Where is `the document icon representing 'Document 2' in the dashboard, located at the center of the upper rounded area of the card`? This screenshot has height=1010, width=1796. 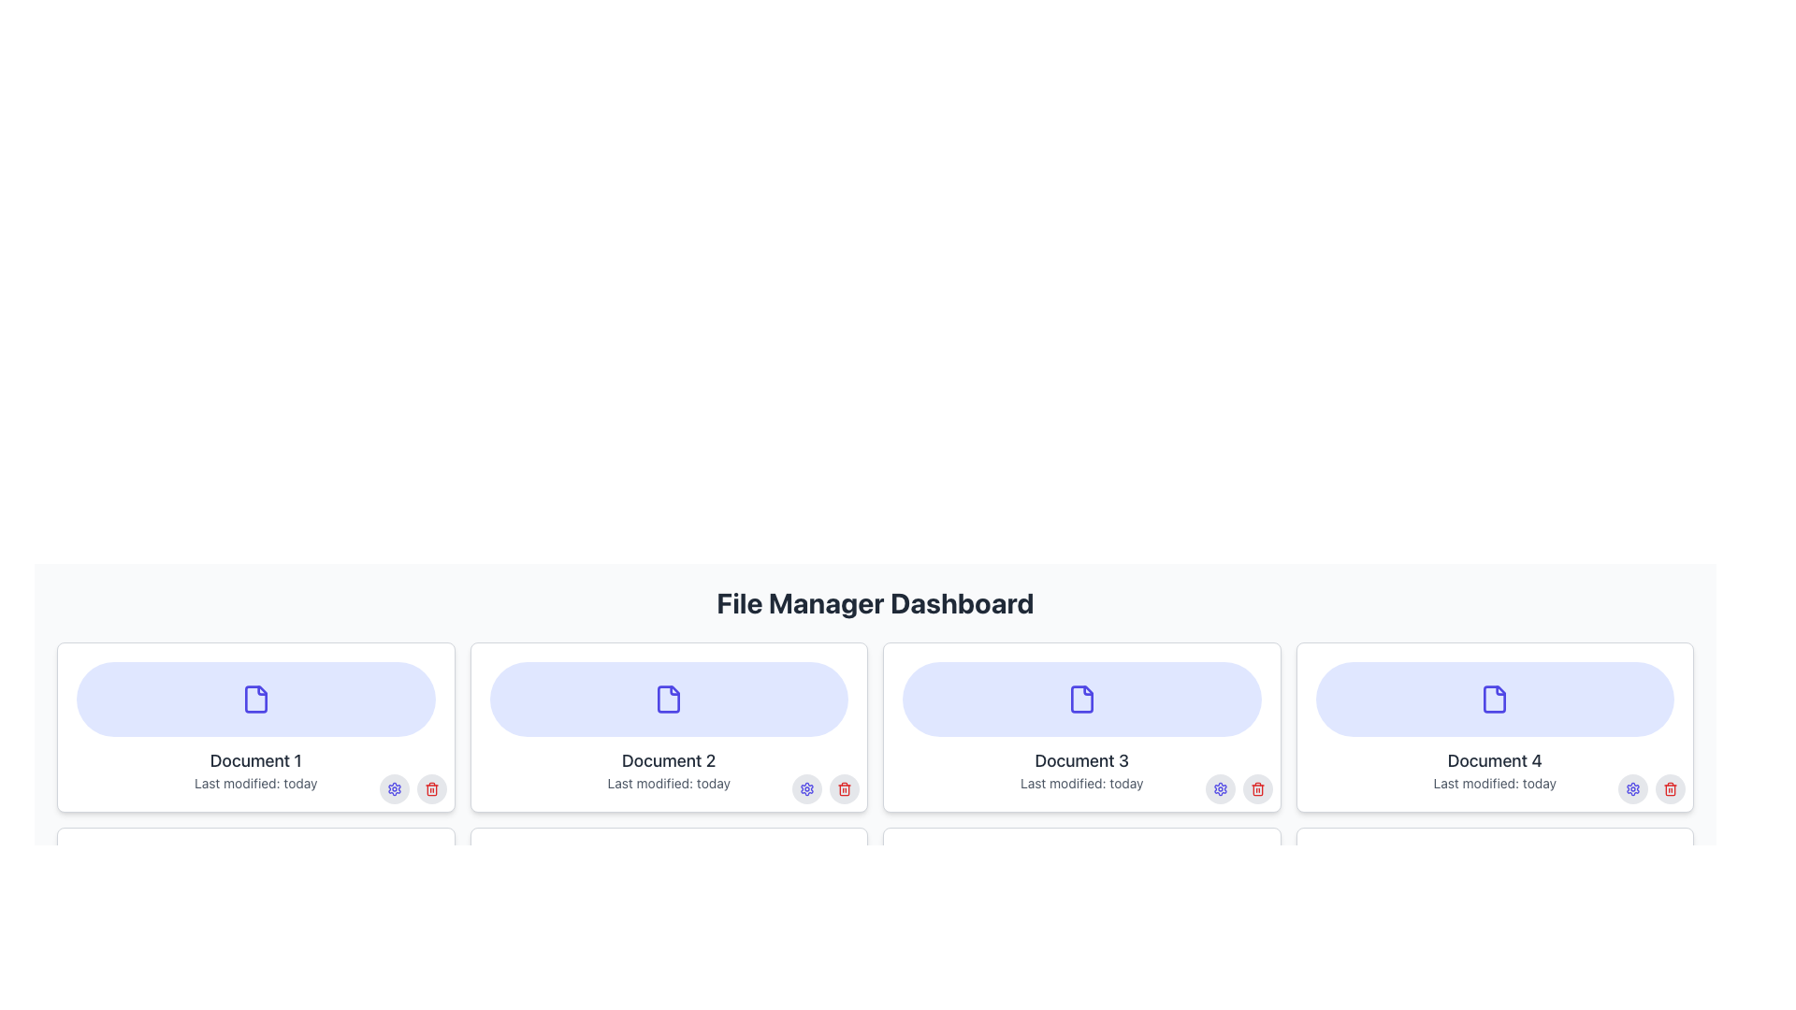 the document icon representing 'Document 2' in the dashboard, located at the center of the upper rounded area of the card is located at coordinates (669, 700).